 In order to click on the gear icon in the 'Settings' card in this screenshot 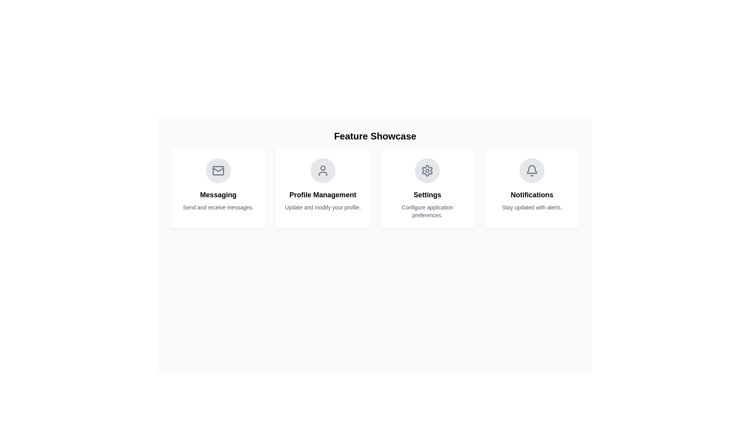, I will do `click(427, 170)`.